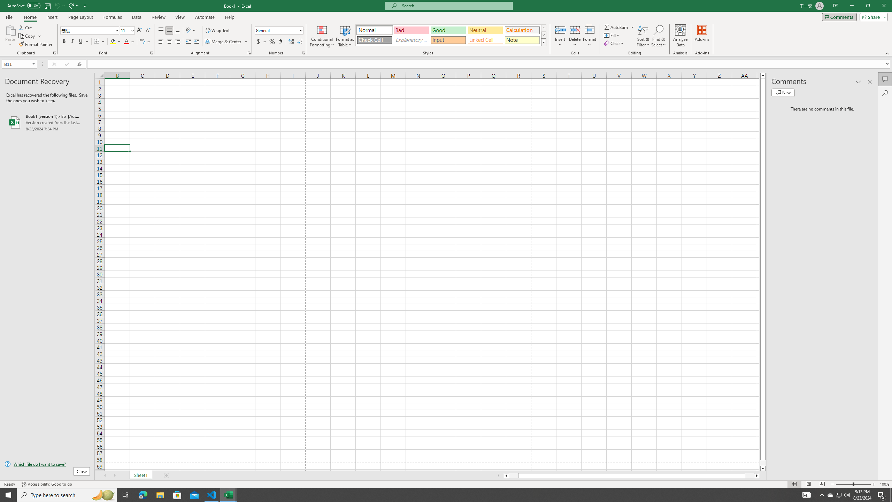 This screenshot has height=502, width=892. Describe the element at coordinates (80, 41) in the screenshot. I see `'Underline'` at that location.